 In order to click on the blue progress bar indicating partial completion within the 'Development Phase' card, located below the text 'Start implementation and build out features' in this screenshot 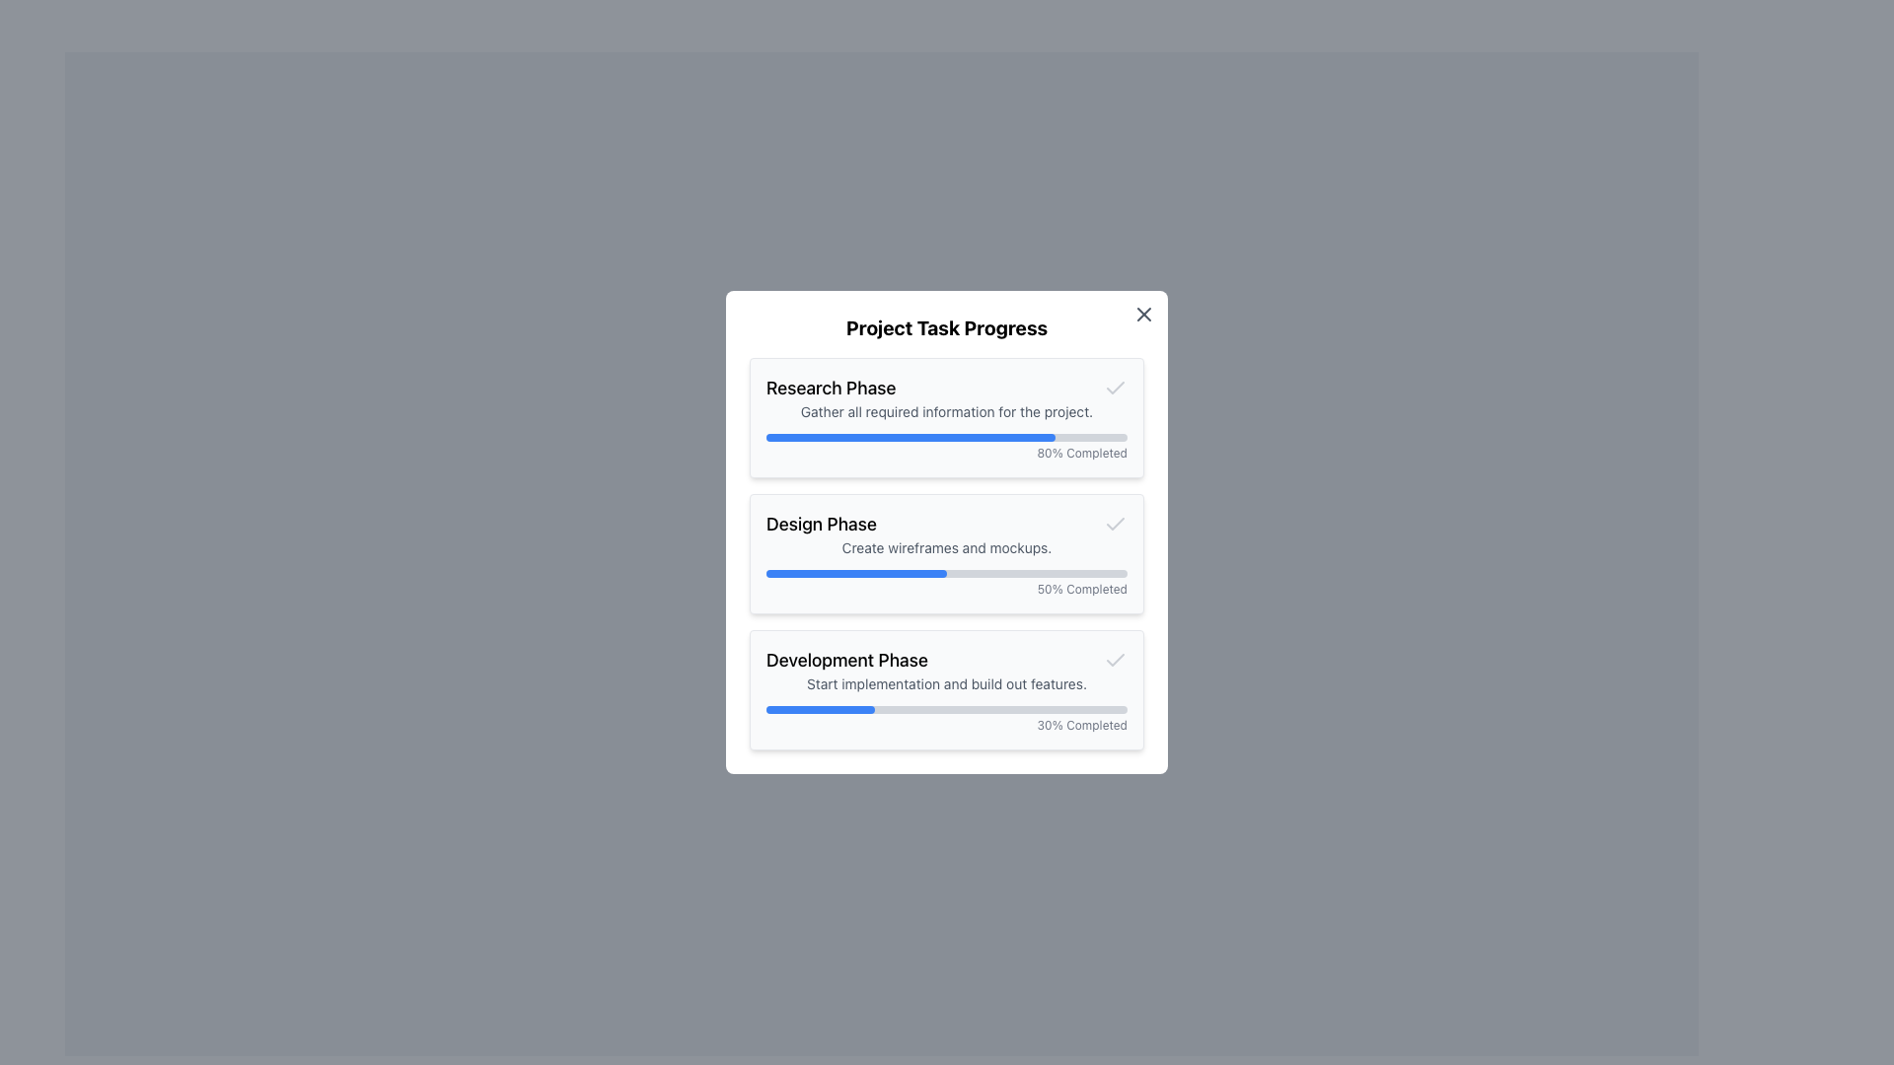, I will do `click(820, 710)`.